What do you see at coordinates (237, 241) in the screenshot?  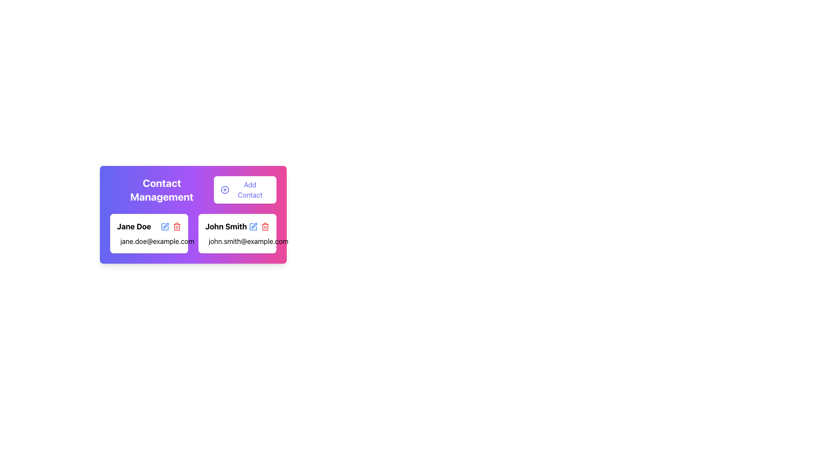 I see `the email address identifier element for the contact 'John Smith', which is positioned below the name and contains an envelope icon` at bounding box center [237, 241].